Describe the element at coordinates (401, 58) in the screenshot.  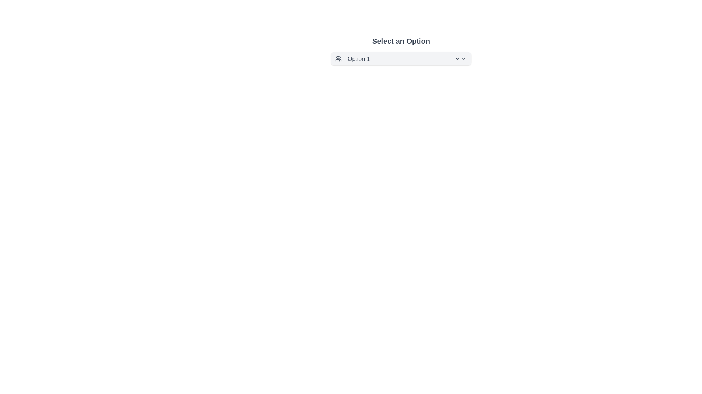
I see `the dropdown menu located under the title 'Select an Option'` at that location.